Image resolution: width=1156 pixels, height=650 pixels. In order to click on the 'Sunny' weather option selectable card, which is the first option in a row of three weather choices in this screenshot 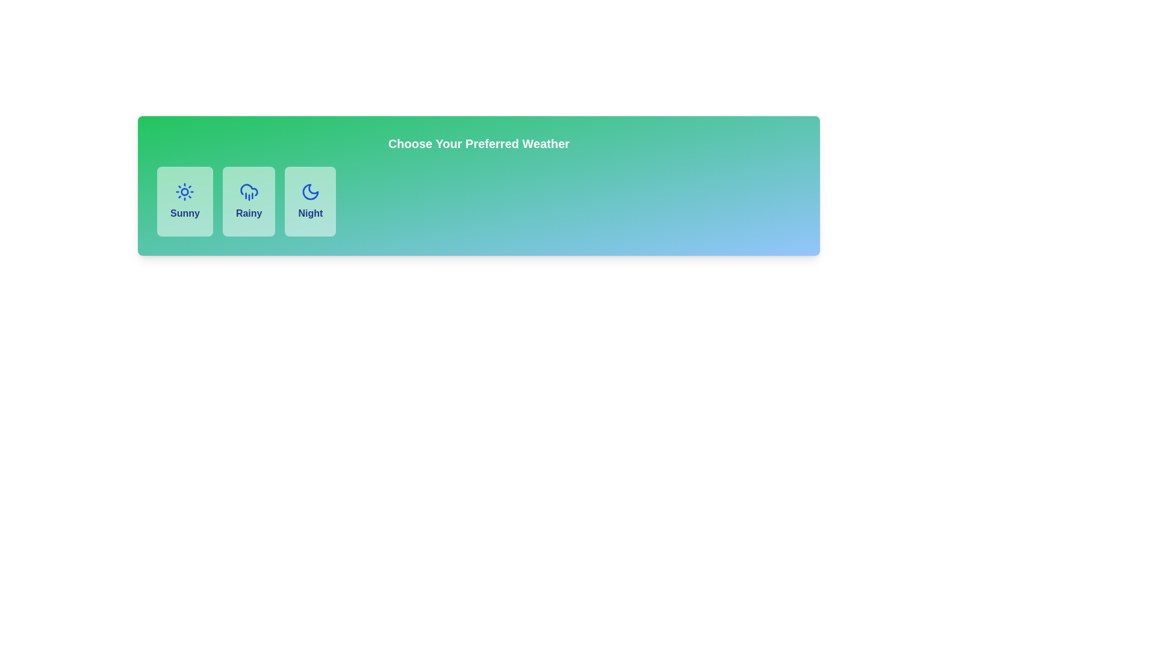, I will do `click(184, 201)`.